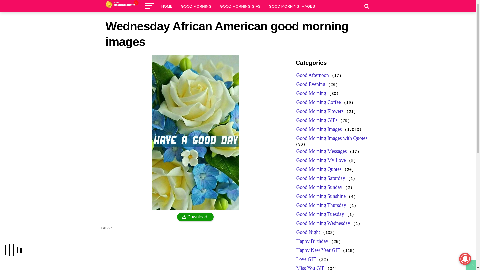 The image size is (480, 270). I want to click on 'Good Morning Messages', so click(321, 151).